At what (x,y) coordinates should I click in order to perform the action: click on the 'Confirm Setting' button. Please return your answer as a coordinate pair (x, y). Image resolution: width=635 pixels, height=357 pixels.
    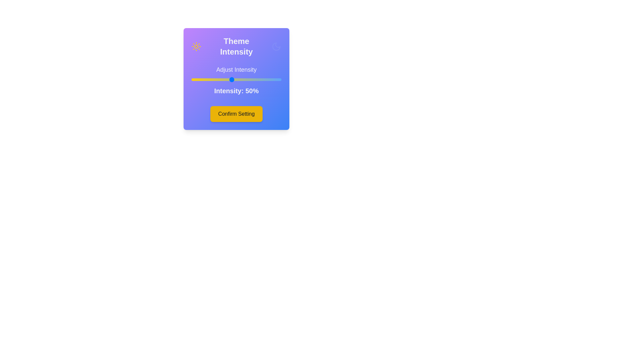
    Looking at the image, I should click on (236, 113).